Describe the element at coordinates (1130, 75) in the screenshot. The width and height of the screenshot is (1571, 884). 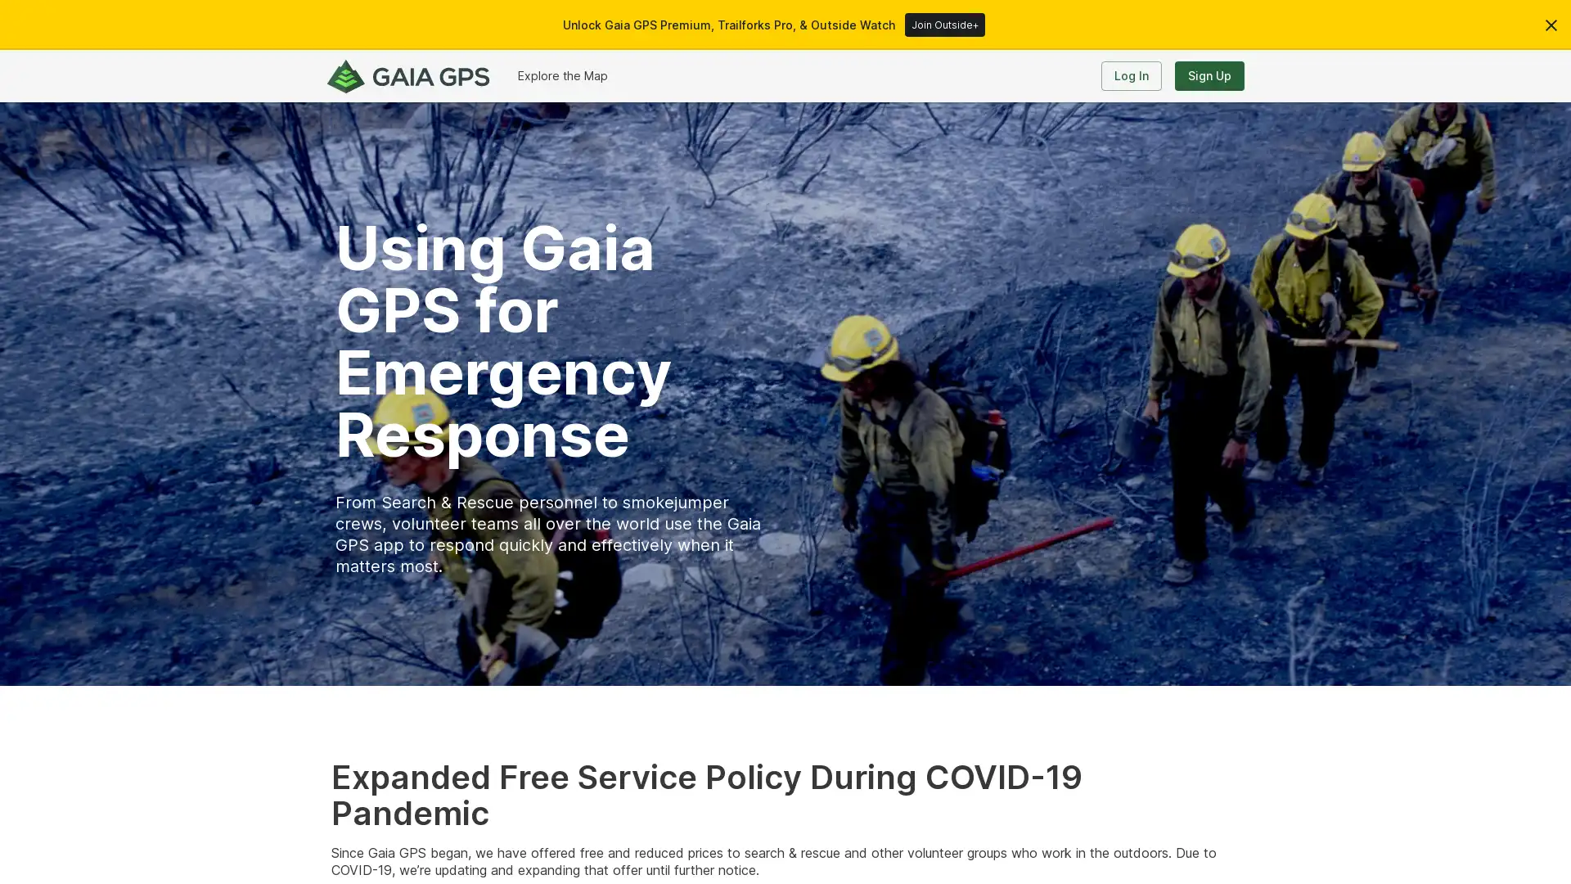
I see `Log In` at that location.